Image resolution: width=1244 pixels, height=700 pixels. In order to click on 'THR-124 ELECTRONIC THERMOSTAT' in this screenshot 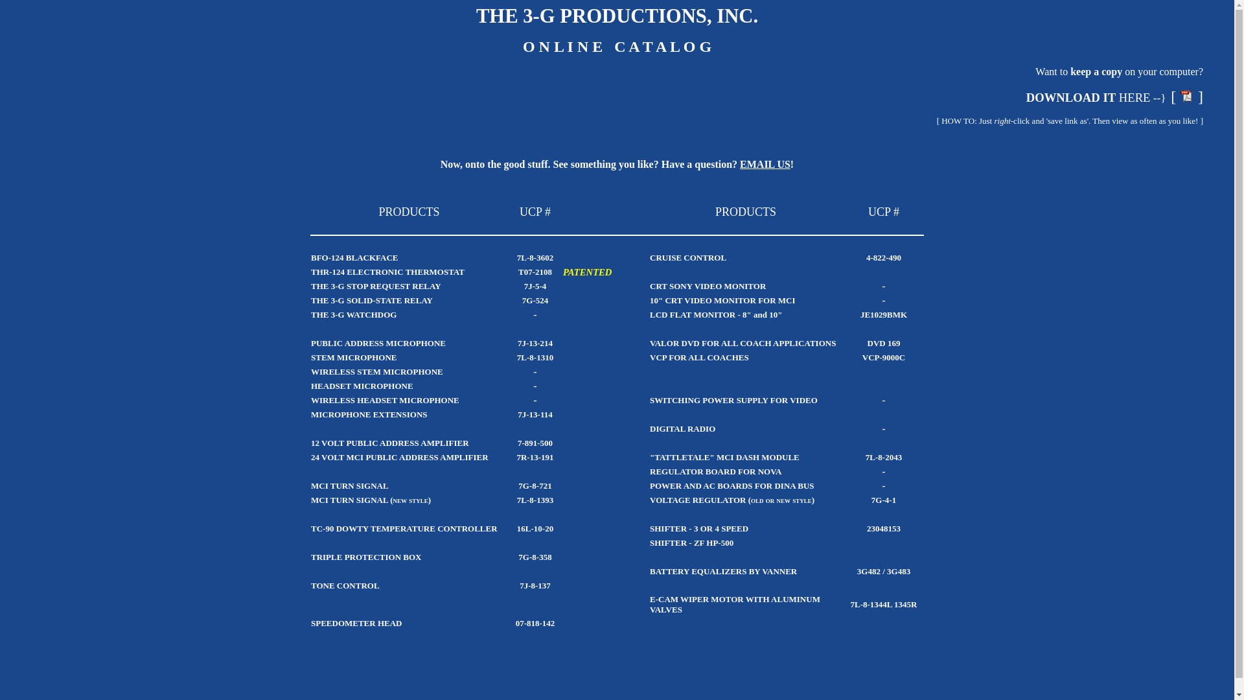, I will do `click(311, 271)`.